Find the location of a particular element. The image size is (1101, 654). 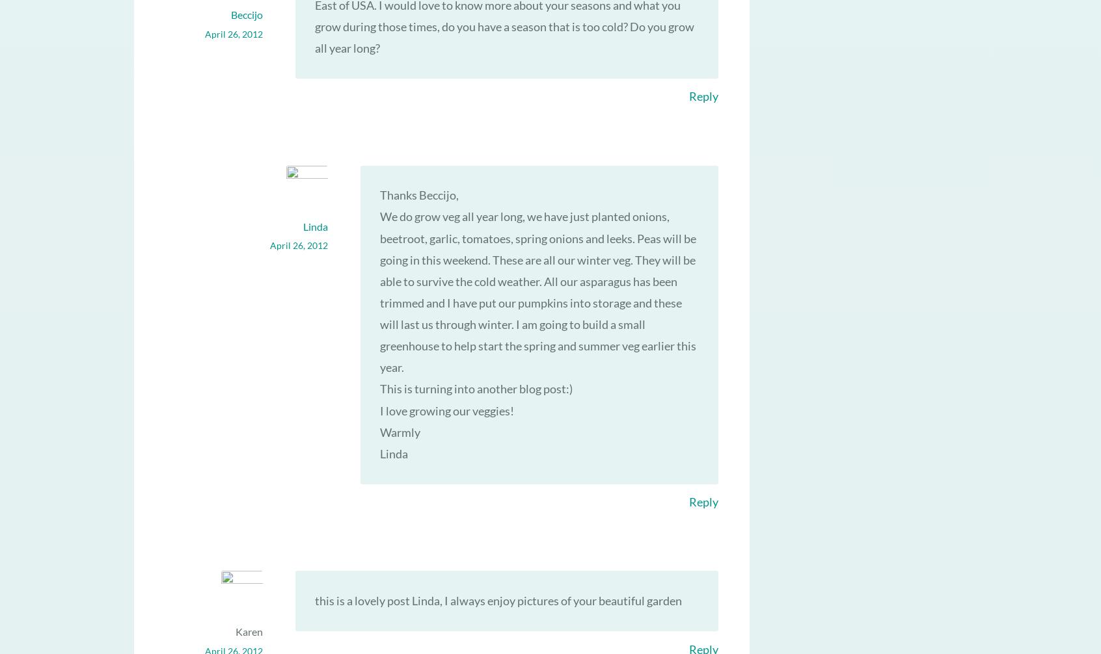

'Thanks Beccijo,' is located at coordinates (418, 194).